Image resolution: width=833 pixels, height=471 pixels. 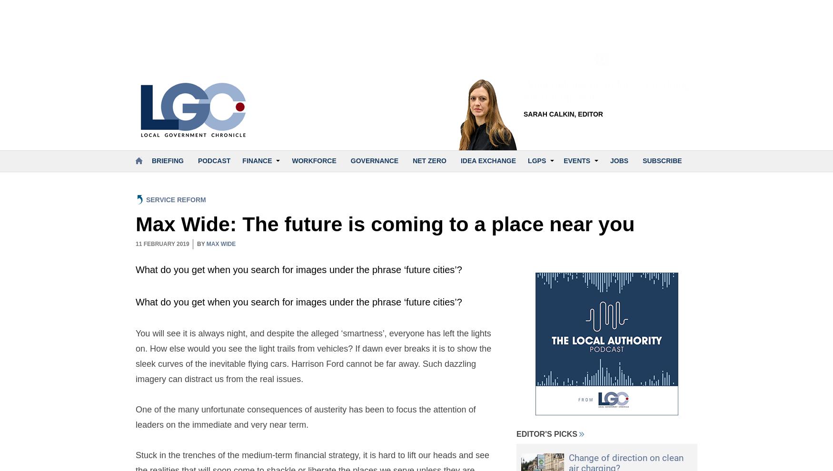 I want to click on 'Idea Exchange', so click(x=487, y=160).